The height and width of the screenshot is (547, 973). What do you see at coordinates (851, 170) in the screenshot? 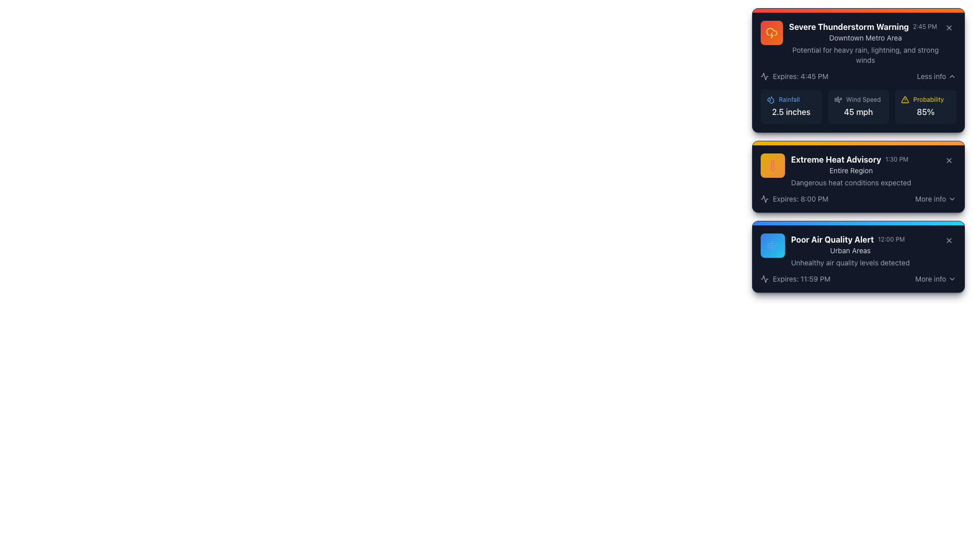
I see `the text label element displaying 'Entire Region', which is styled in gray and located below the title 'Extreme Heat Advisory' in the second alert box` at bounding box center [851, 170].